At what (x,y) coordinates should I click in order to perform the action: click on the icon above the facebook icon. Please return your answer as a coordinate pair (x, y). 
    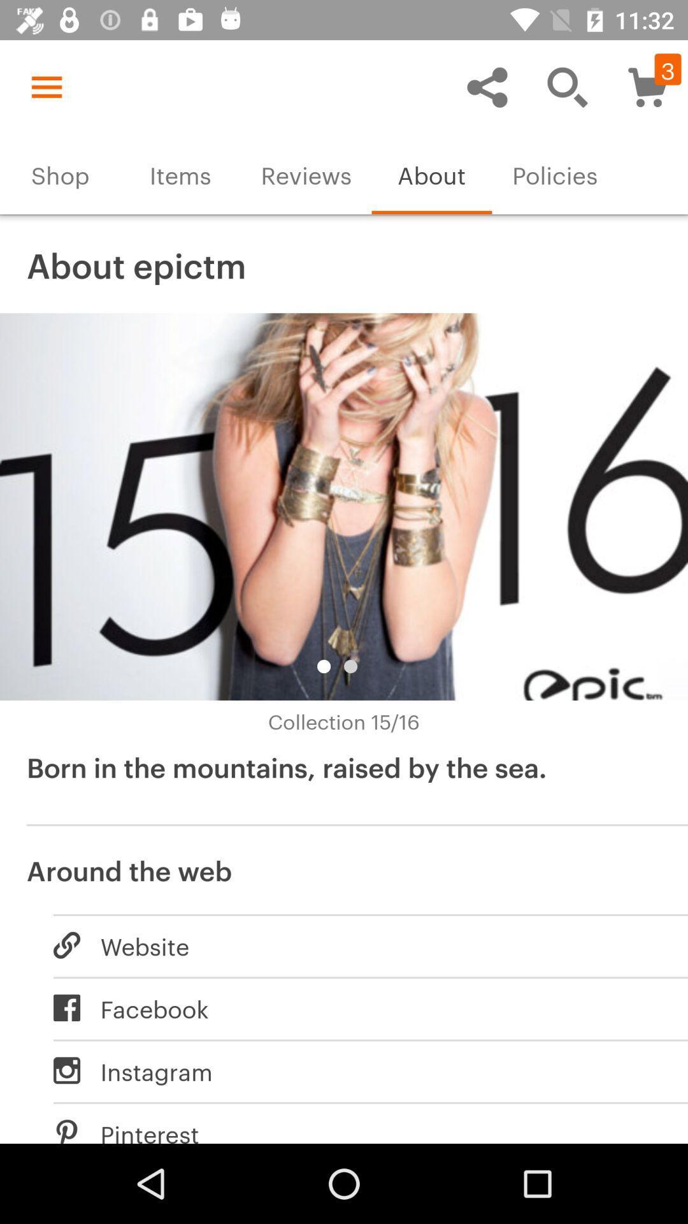
    Looking at the image, I should click on (357, 945).